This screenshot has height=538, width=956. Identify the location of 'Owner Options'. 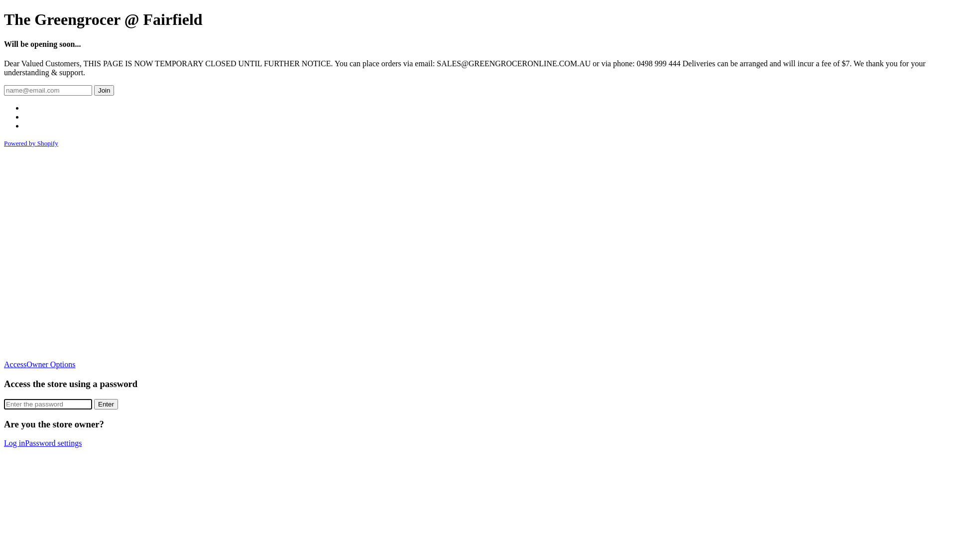
(26, 364).